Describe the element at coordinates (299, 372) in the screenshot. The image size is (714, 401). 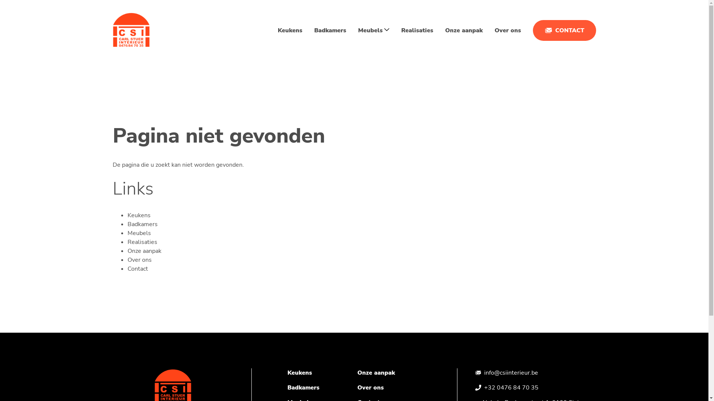
I see `'Keukens'` at that location.